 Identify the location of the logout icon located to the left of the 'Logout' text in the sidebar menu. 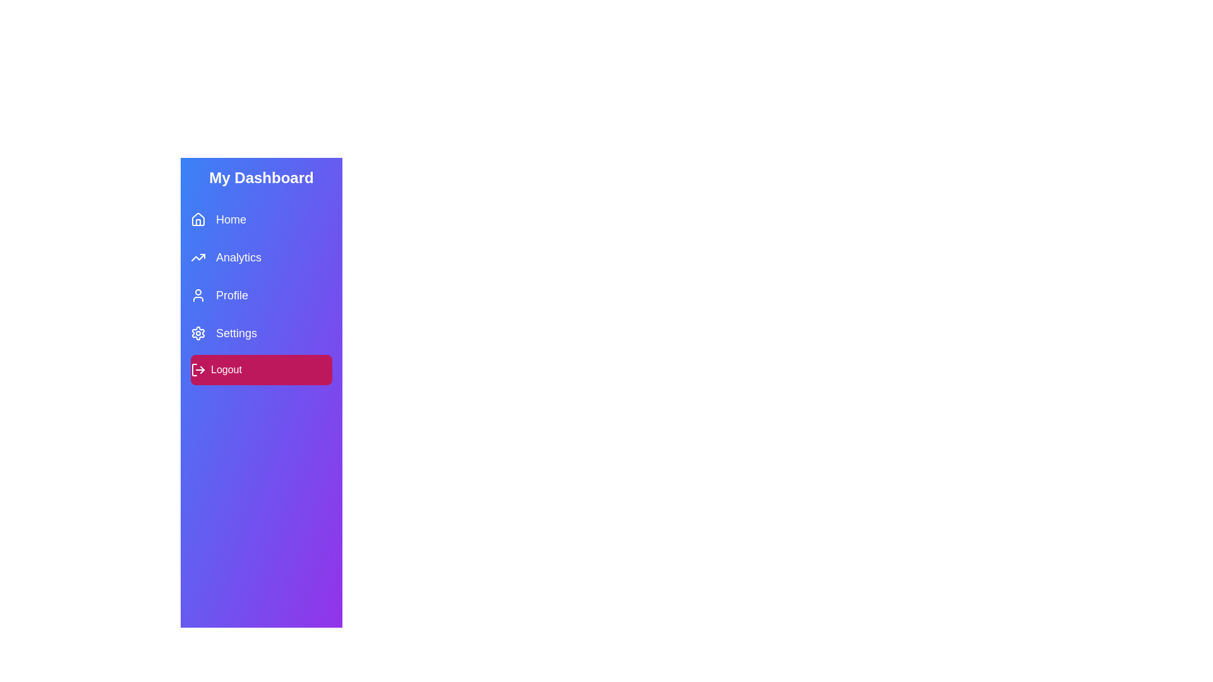
(197, 369).